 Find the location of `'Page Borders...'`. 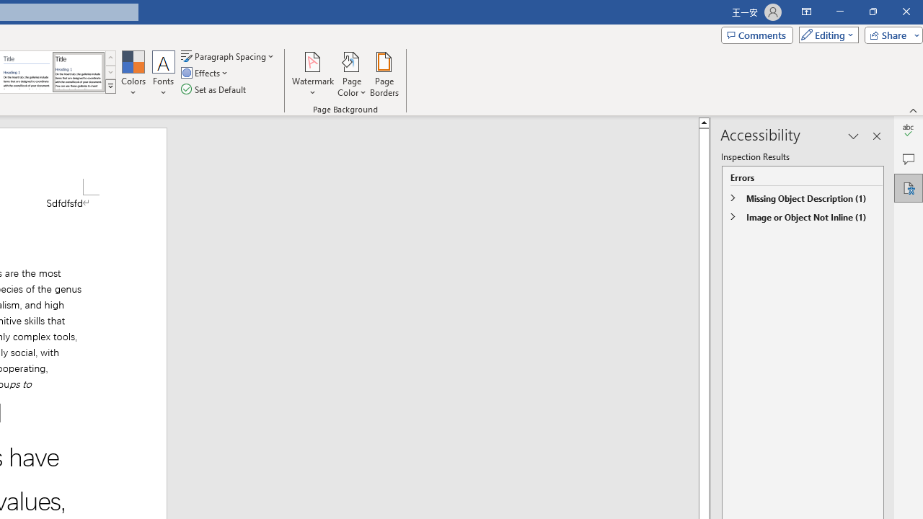

'Page Borders...' is located at coordinates (384, 74).